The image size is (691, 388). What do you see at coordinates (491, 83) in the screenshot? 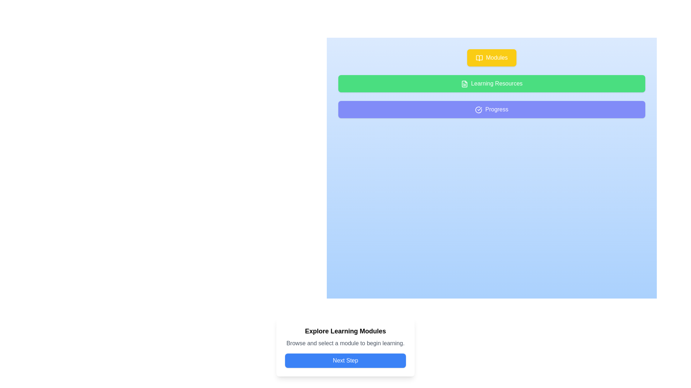
I see `the green button labeled 'Learning Resources' with a document icon` at bounding box center [491, 83].